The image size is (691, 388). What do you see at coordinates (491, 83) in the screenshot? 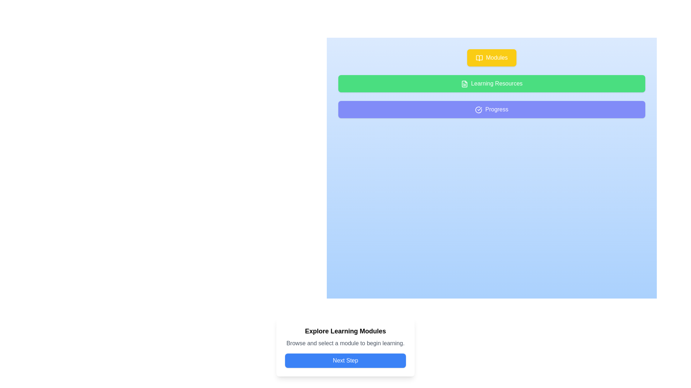
I see `the green button labeled 'Learning Resources' with a document icon` at bounding box center [491, 83].